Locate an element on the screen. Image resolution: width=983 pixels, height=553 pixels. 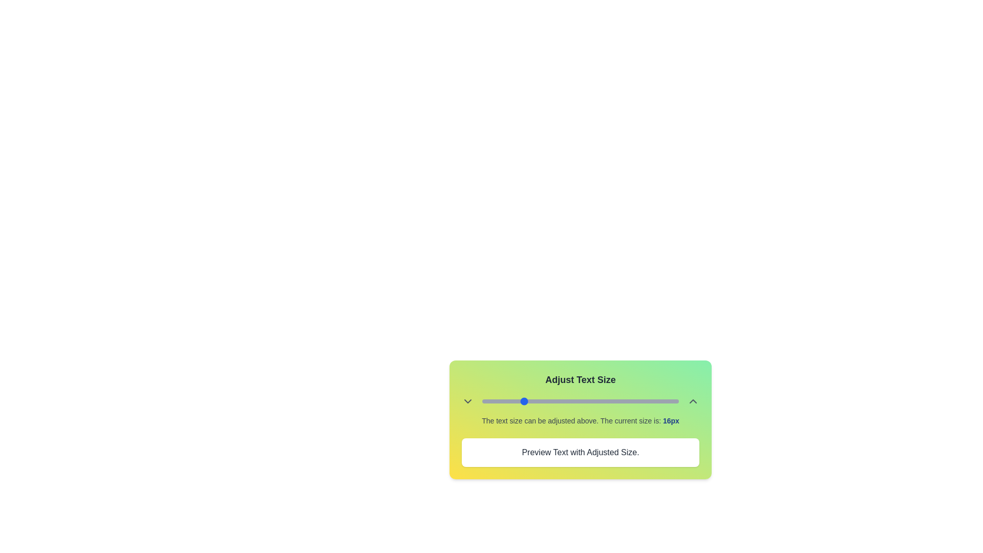
the text size to 13px using the slider is located at coordinates (506, 400).